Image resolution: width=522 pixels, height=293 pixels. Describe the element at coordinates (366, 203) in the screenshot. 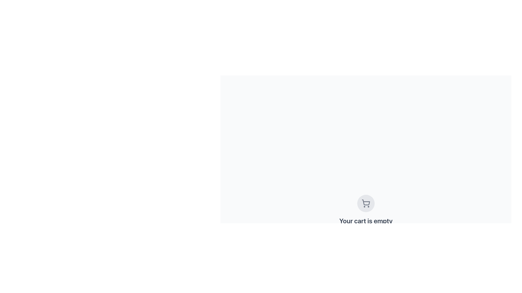

I see `the shopping cart icon, which is a decorative element located centrally above the text 'Your cart is empty'` at that location.